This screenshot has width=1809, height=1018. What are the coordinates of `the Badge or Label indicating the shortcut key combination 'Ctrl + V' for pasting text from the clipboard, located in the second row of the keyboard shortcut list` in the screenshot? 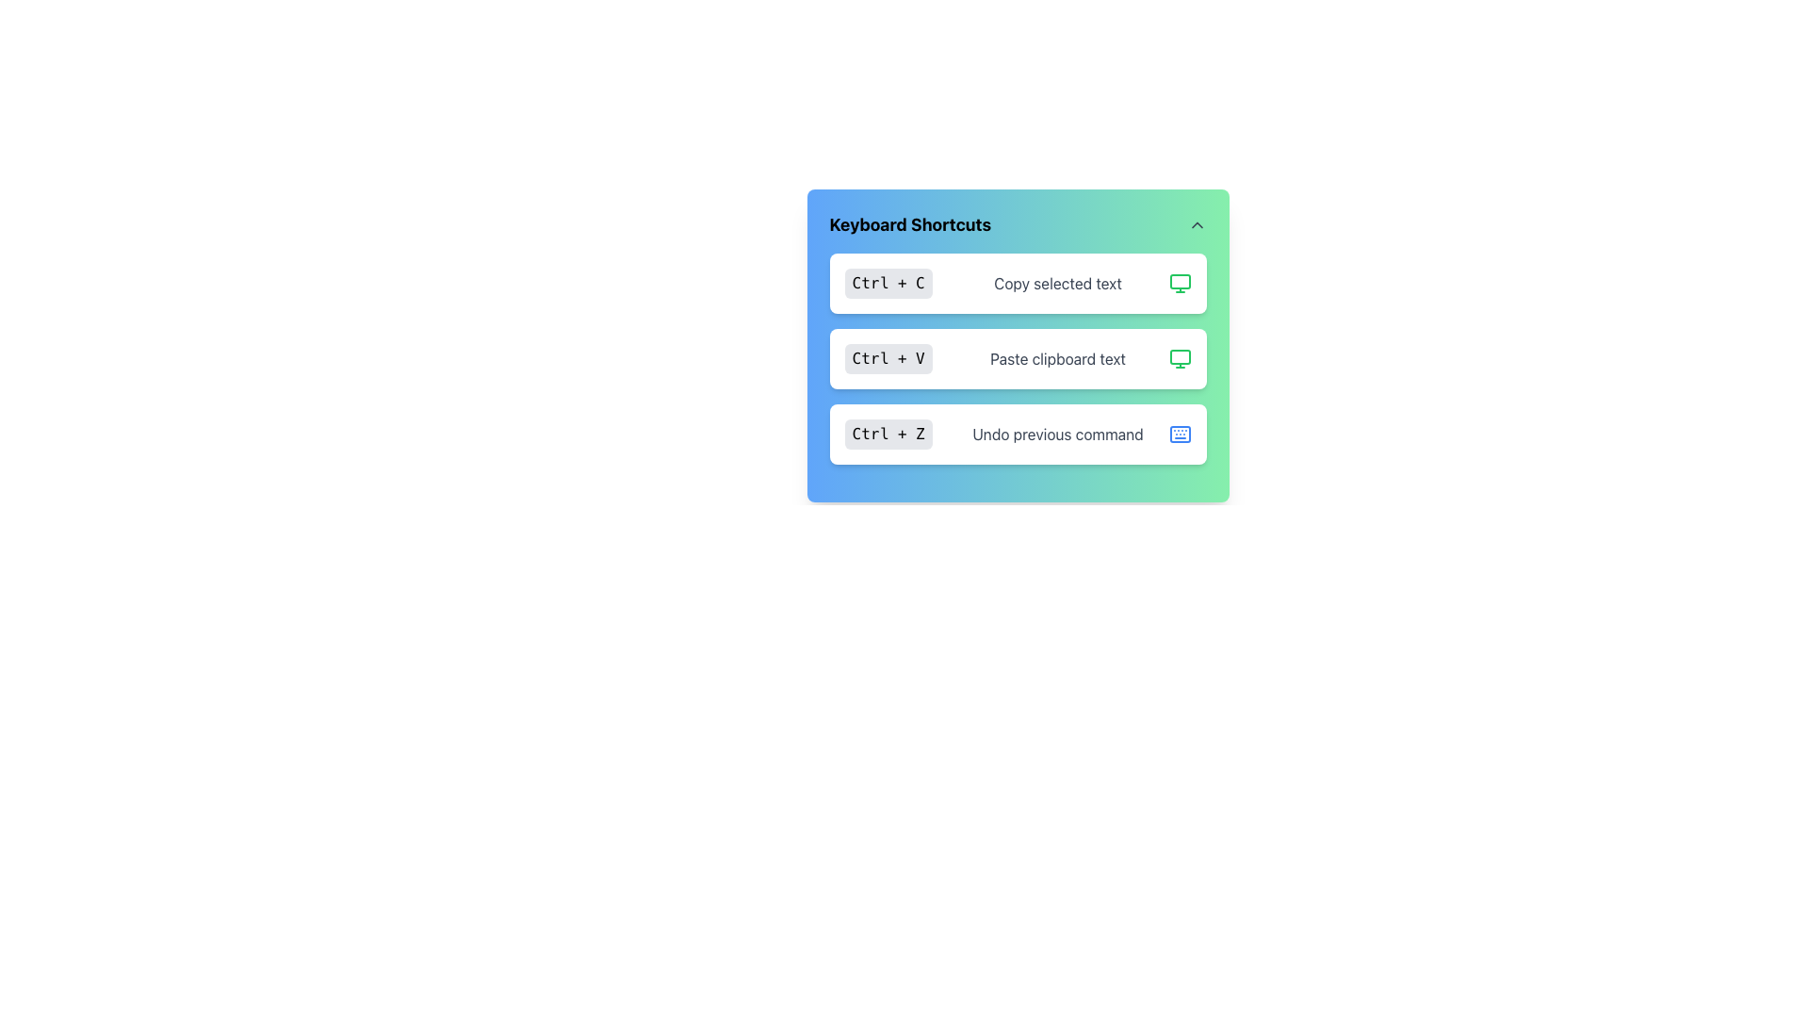 It's located at (888, 359).